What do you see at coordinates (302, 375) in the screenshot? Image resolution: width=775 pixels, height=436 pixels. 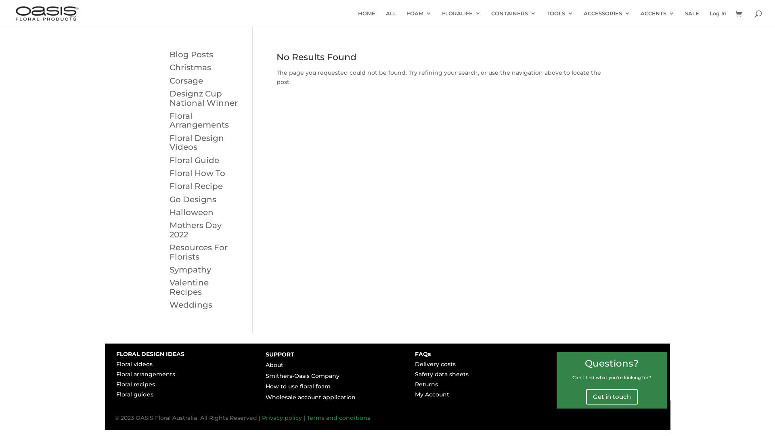 I see `'Smithers-Oasis Company'` at bounding box center [302, 375].